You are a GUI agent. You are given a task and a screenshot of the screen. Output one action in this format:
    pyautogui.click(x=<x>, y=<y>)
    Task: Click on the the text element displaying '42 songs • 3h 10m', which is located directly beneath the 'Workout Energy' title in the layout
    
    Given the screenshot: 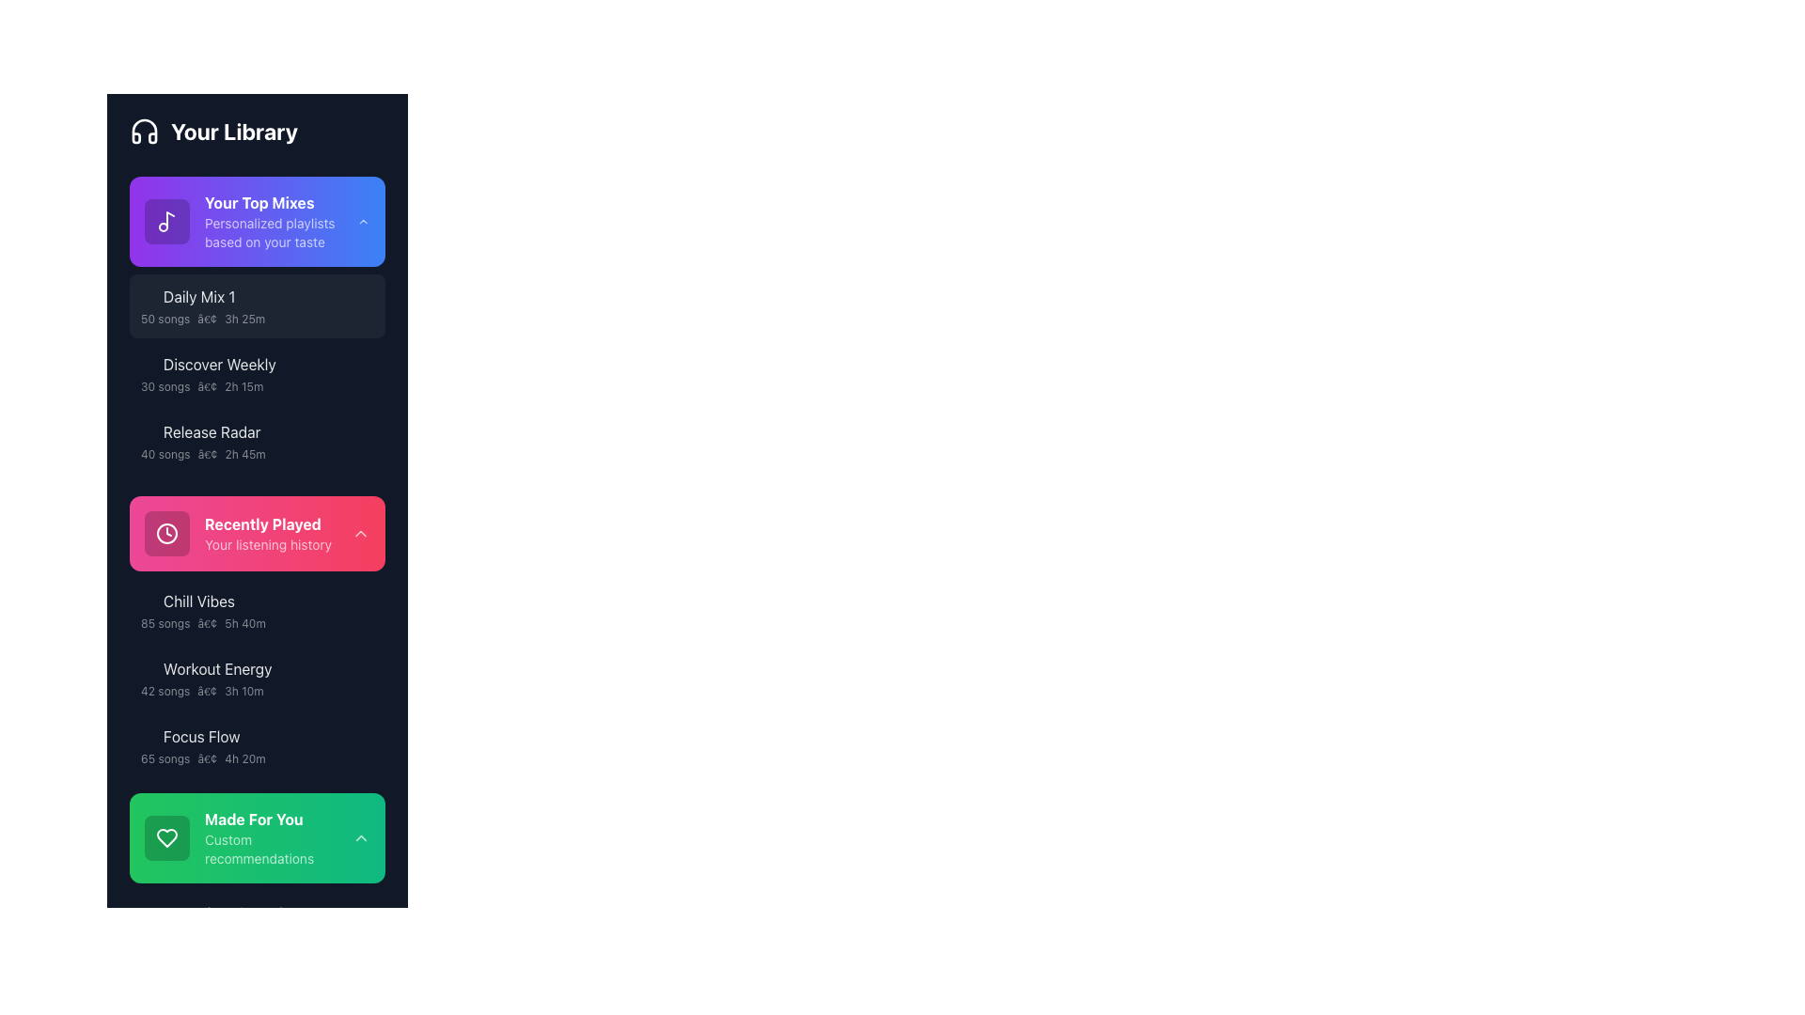 What is the action you would take?
    pyautogui.click(x=247, y=692)
    